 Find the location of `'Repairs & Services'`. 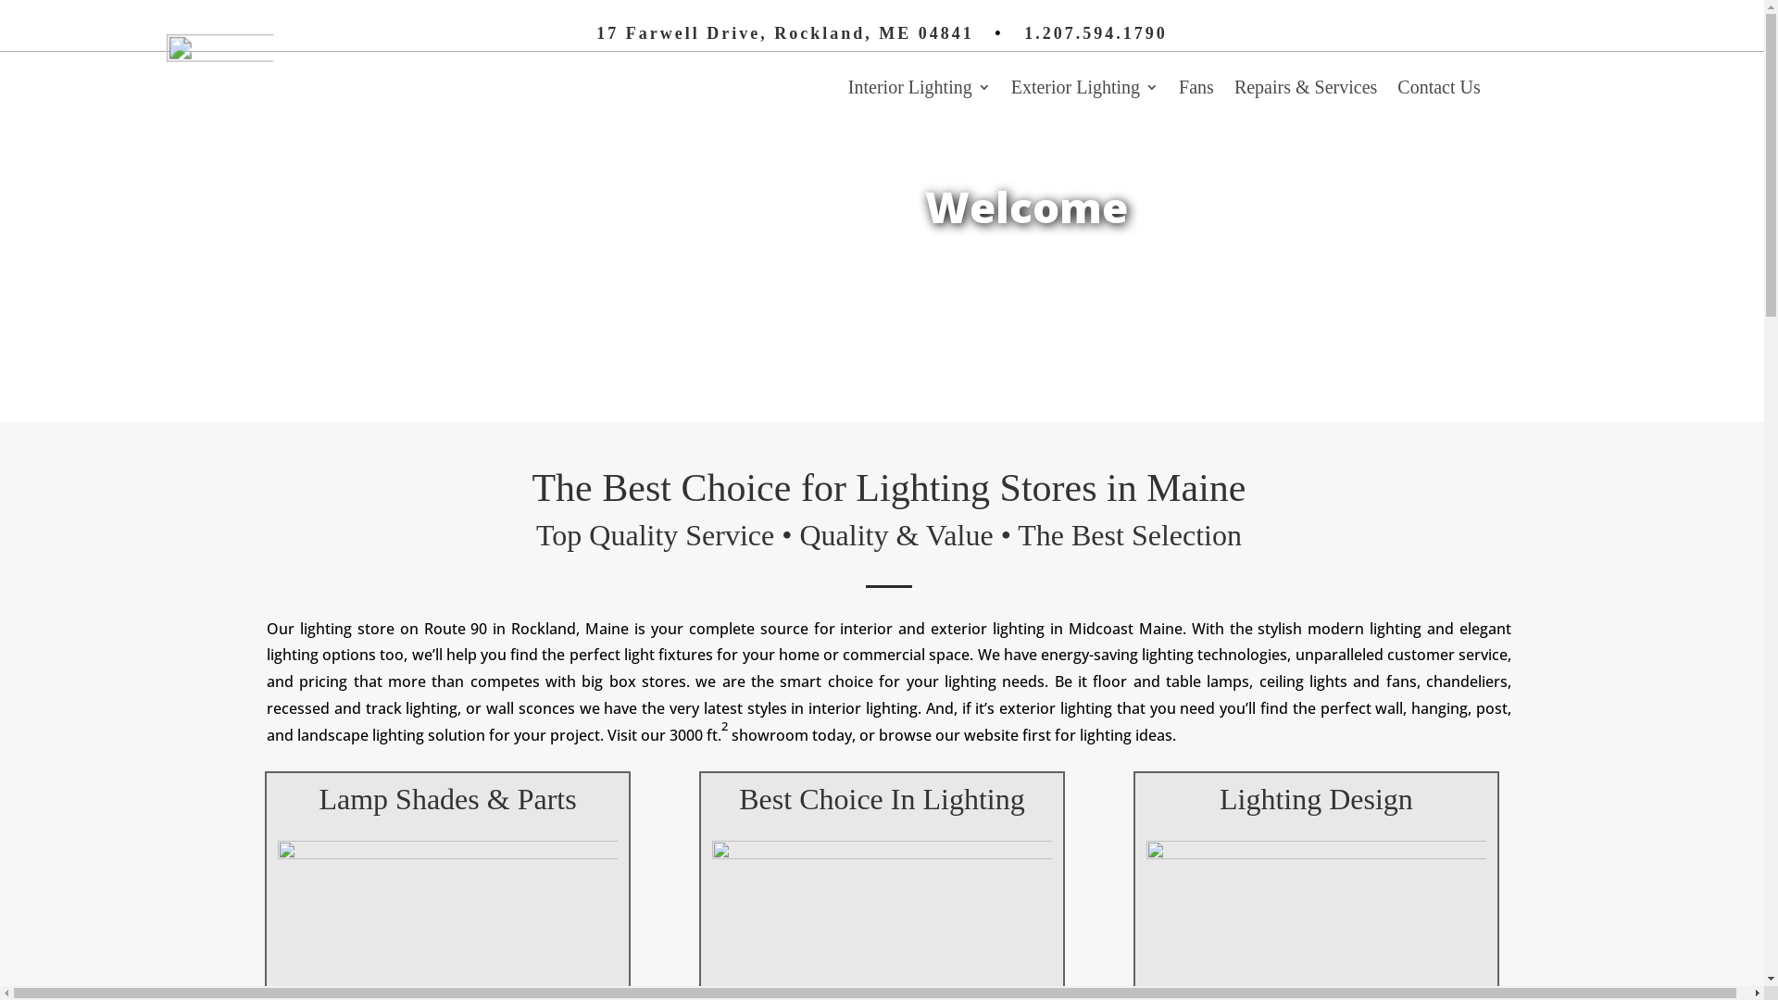

'Repairs & Services' is located at coordinates (1234, 90).